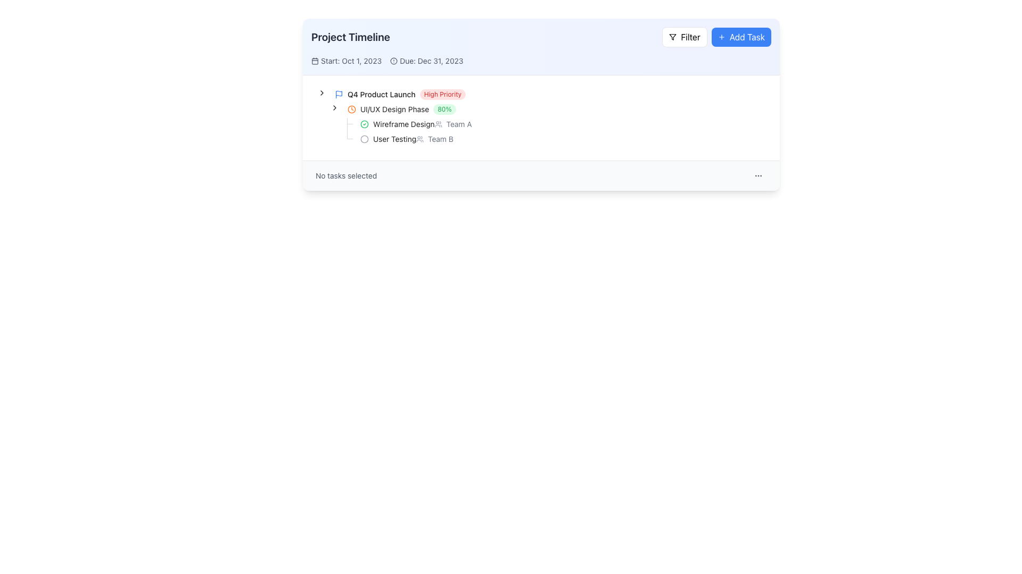 The height and width of the screenshot is (574, 1022). I want to click on text label displaying 'Q4 Product Launch', which is positioned between a blue flag icon and a red 'High Priority' label in the task list, so click(381, 94).